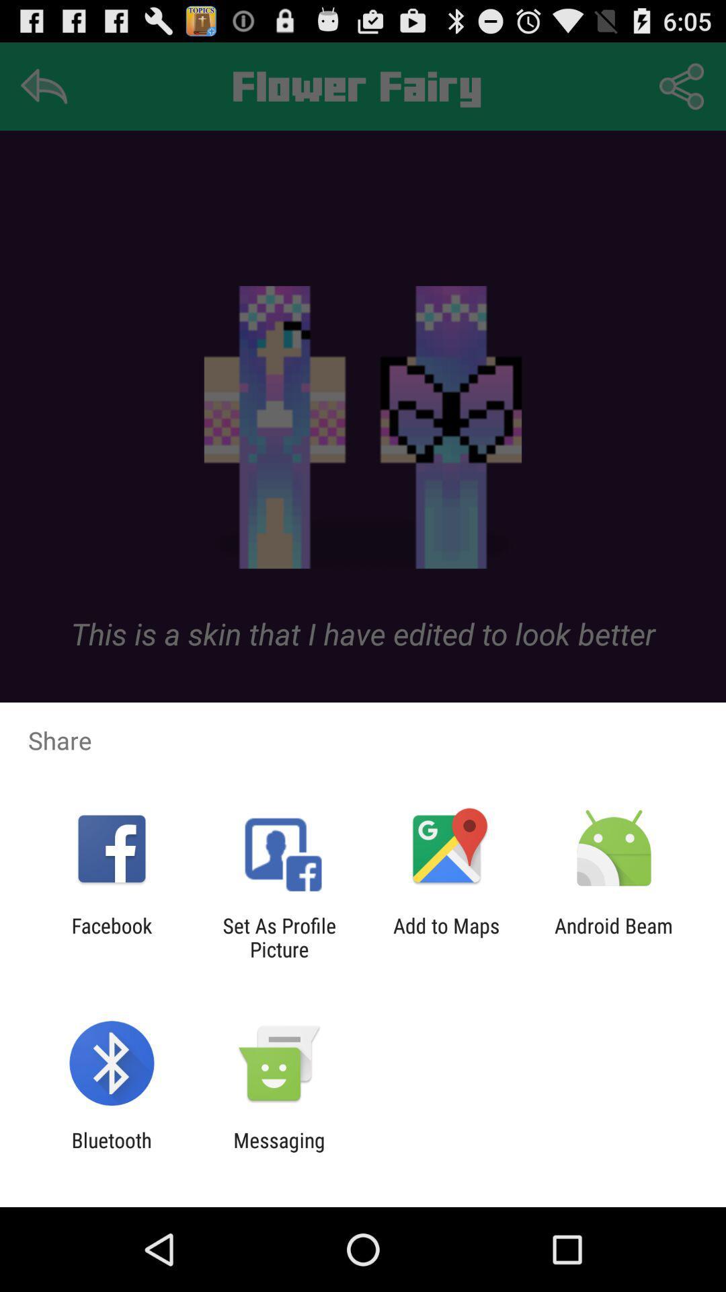 The height and width of the screenshot is (1292, 726). What do you see at coordinates (278, 937) in the screenshot?
I see `the icon to the right of facebook` at bounding box center [278, 937].